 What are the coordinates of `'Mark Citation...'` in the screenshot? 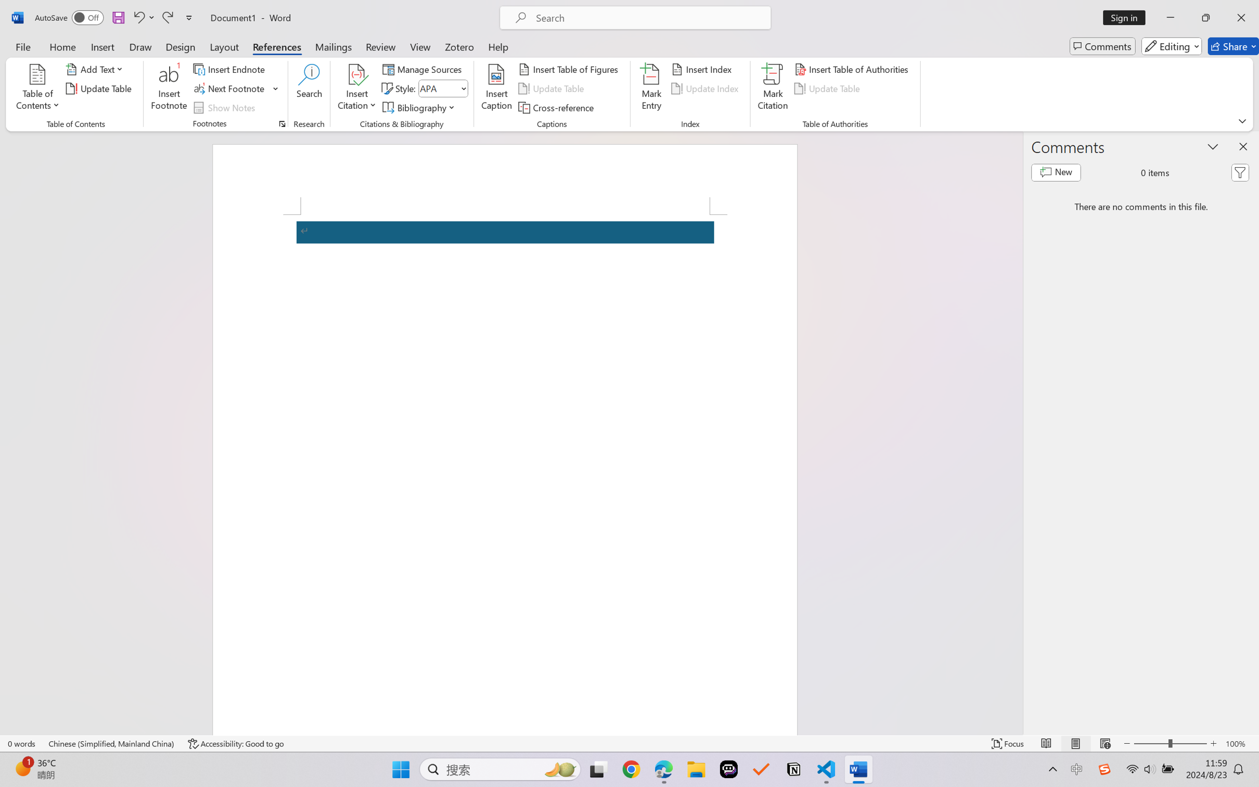 It's located at (772, 88).